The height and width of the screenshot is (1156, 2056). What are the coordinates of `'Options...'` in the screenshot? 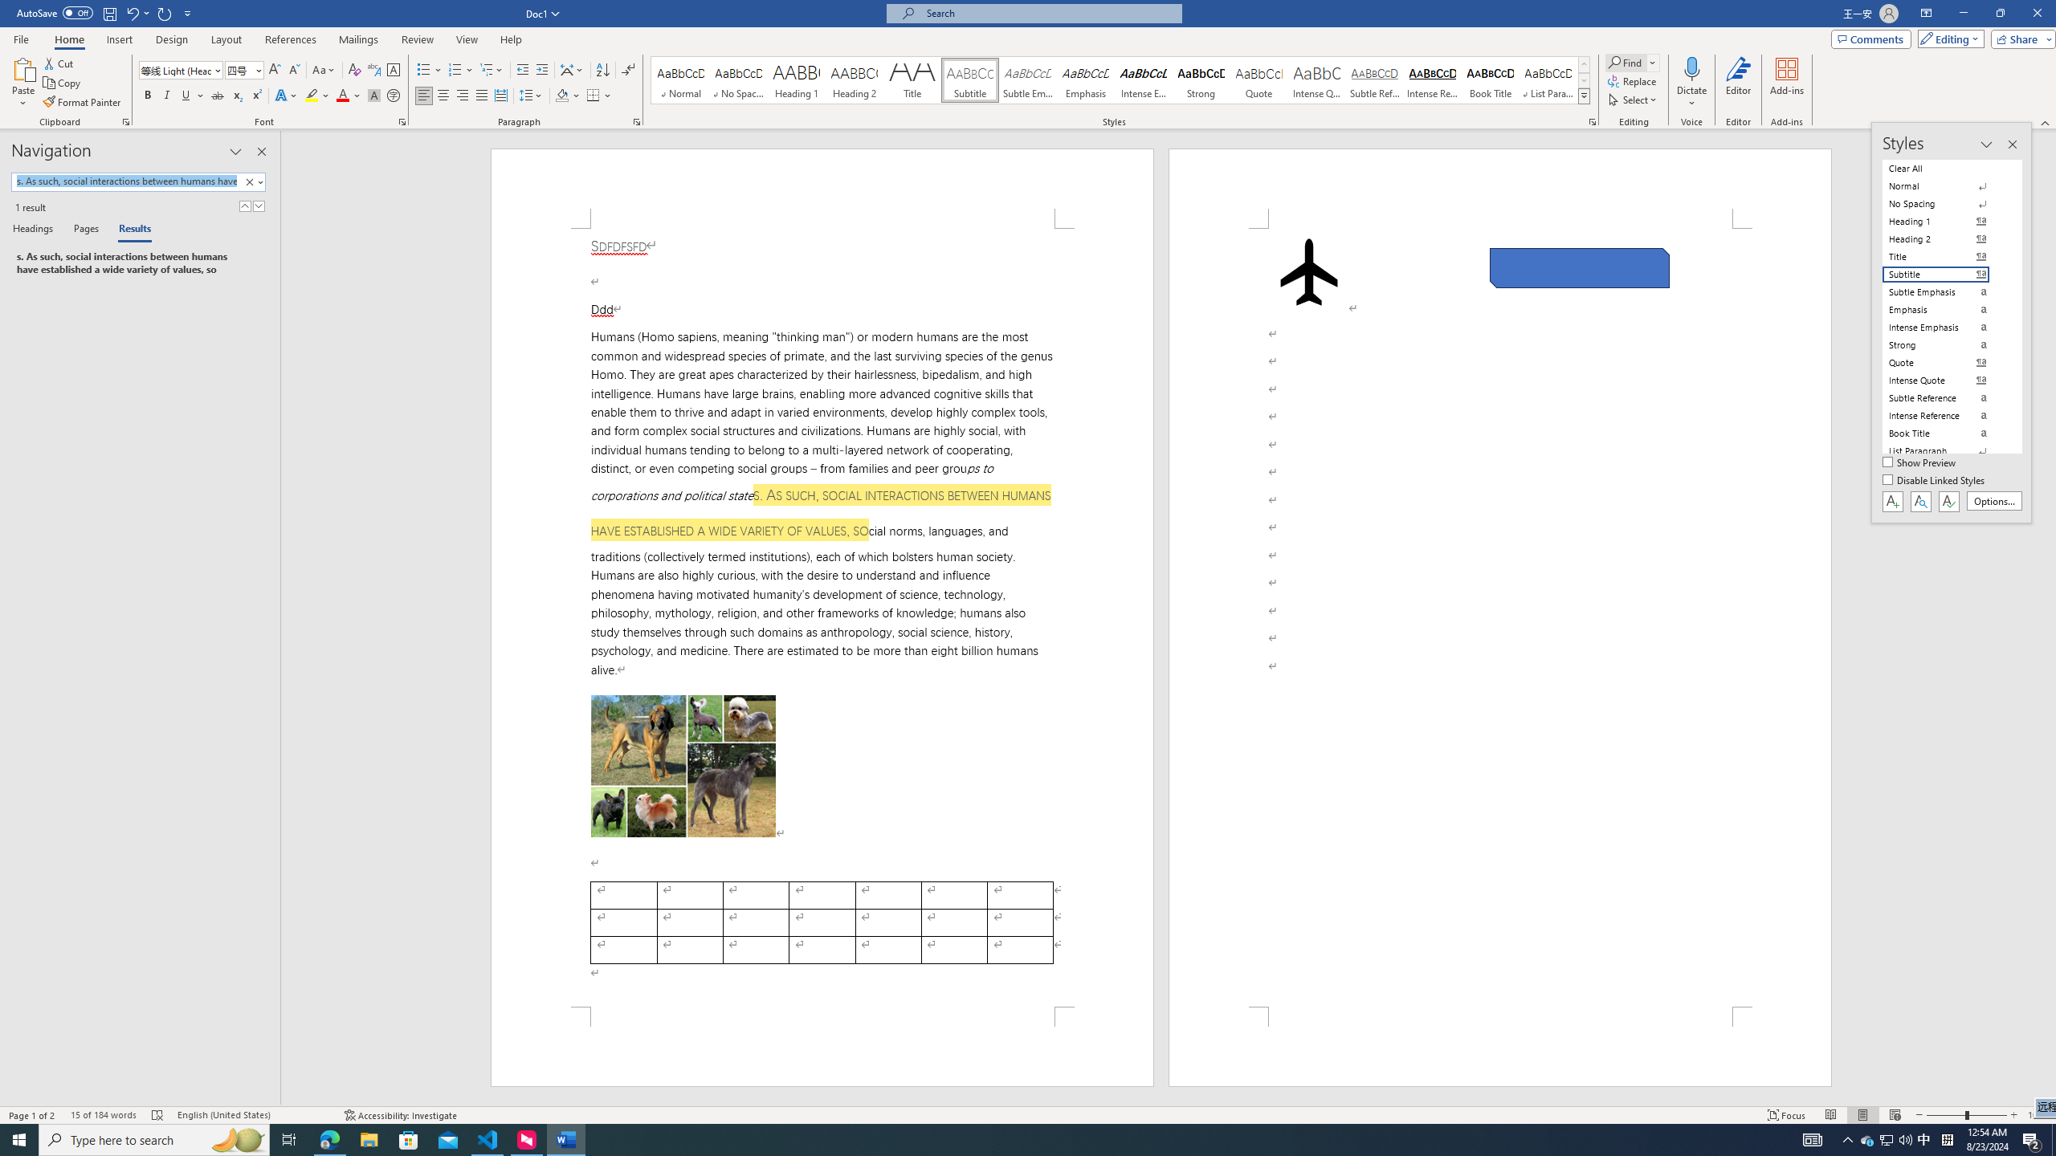 It's located at (1994, 501).